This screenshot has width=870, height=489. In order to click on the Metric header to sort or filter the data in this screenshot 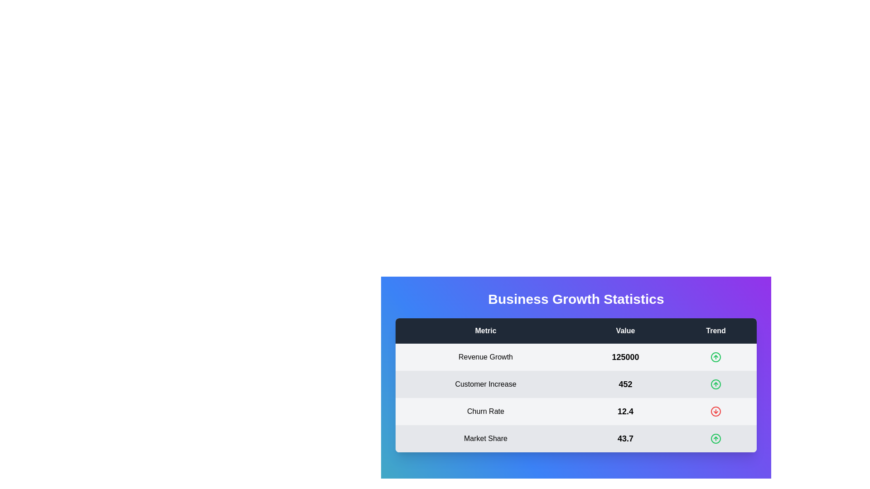, I will do `click(485, 331)`.